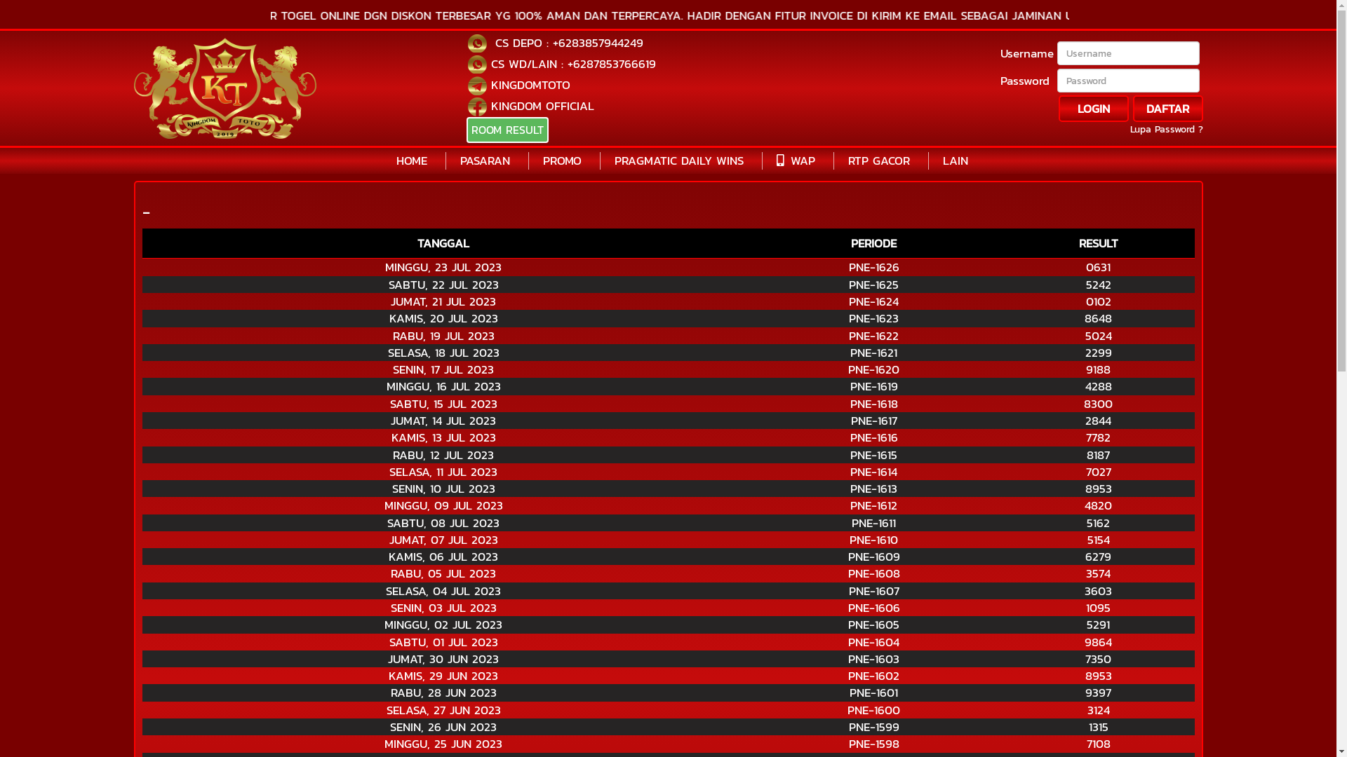 The height and width of the screenshot is (757, 1347). I want to click on 'WAP', so click(776, 159).